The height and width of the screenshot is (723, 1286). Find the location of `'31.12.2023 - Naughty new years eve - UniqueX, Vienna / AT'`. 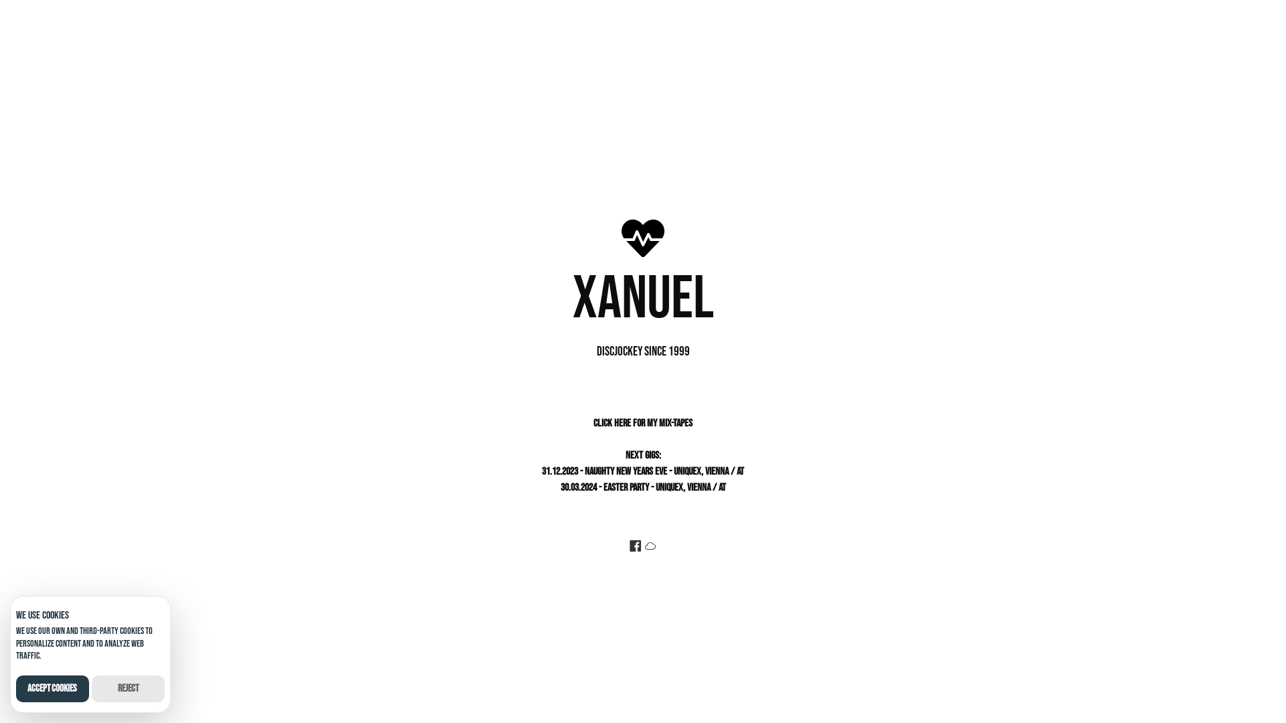

'31.12.2023 - Naughty new years eve - UniqueX, Vienna / AT' is located at coordinates (643, 471).